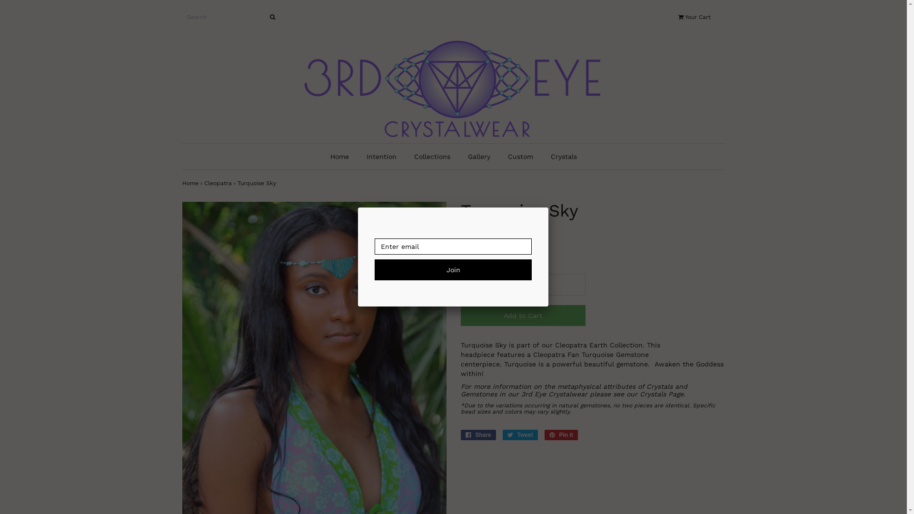  I want to click on 'Crystals', so click(564, 156).